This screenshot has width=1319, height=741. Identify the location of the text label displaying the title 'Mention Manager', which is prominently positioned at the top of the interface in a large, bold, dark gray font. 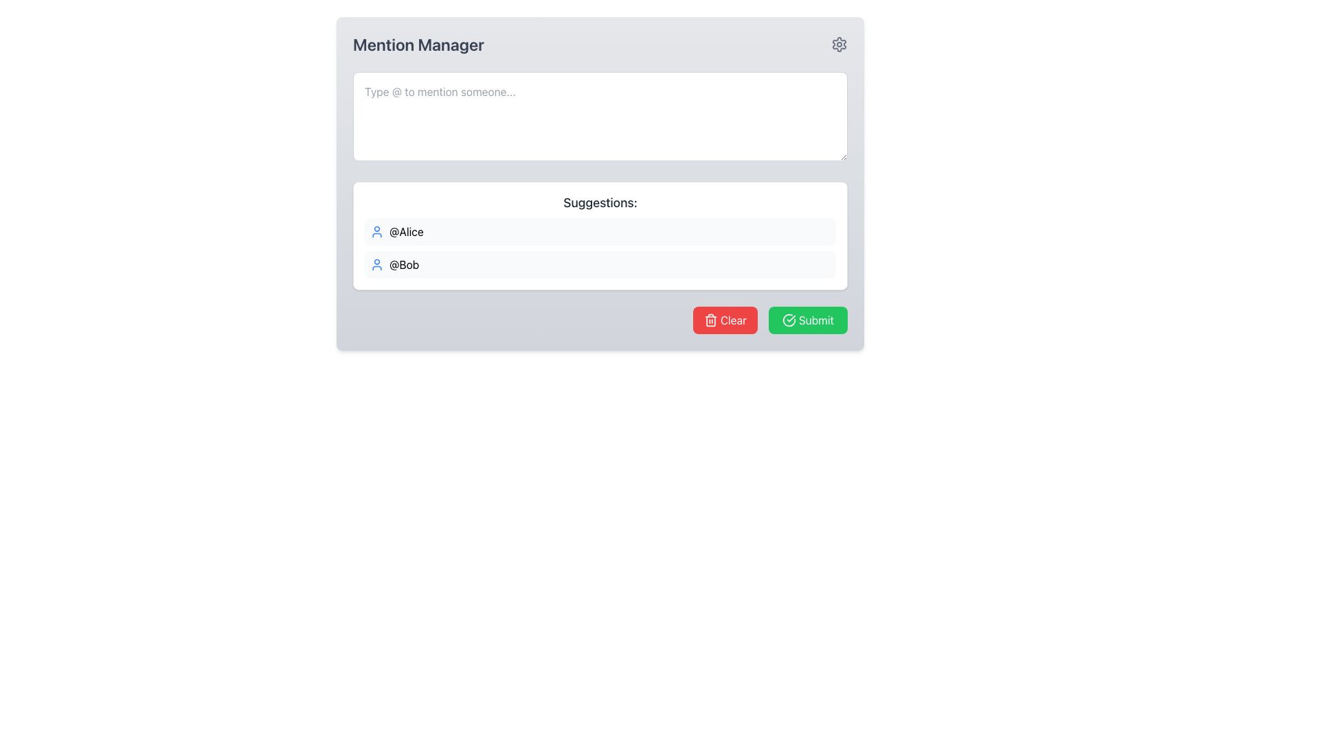
(418, 44).